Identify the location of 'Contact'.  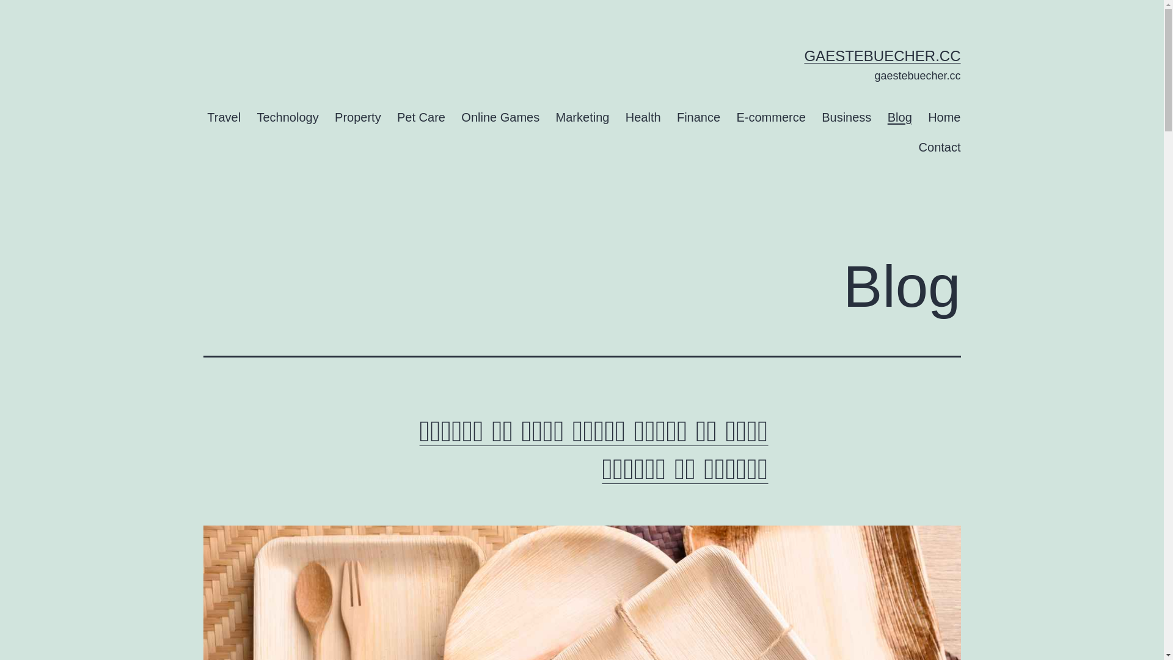
(938, 147).